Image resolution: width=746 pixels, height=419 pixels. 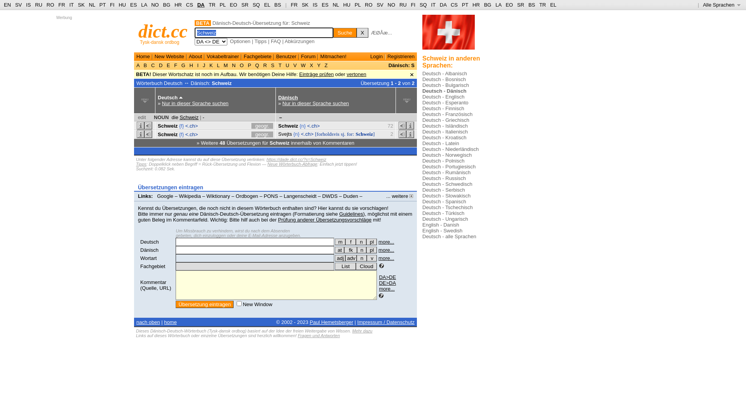 I want to click on 'Deutsch - Englisch', so click(x=443, y=96).